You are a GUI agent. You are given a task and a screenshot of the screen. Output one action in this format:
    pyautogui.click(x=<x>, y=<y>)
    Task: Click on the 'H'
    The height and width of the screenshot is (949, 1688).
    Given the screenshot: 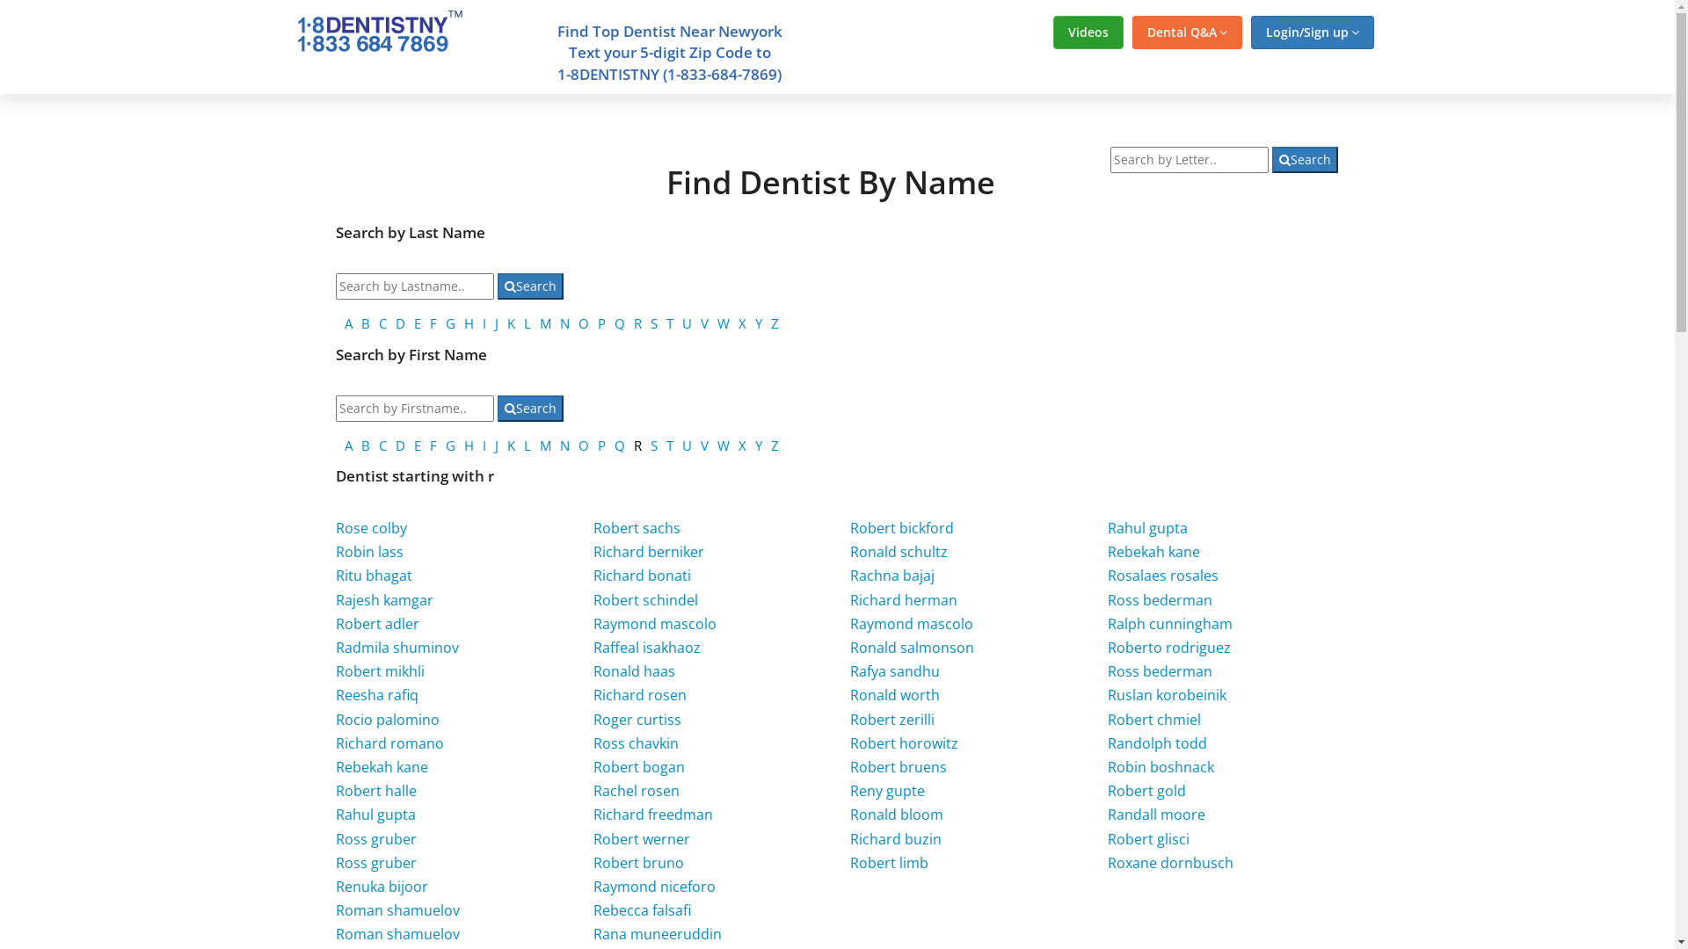 What is the action you would take?
    pyautogui.click(x=469, y=322)
    